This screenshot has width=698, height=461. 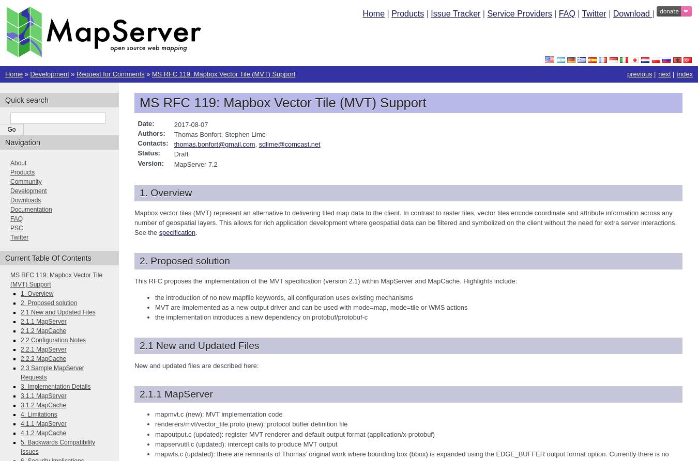 I want to click on '2.3 Sample MapServer Requests', so click(x=51, y=372).